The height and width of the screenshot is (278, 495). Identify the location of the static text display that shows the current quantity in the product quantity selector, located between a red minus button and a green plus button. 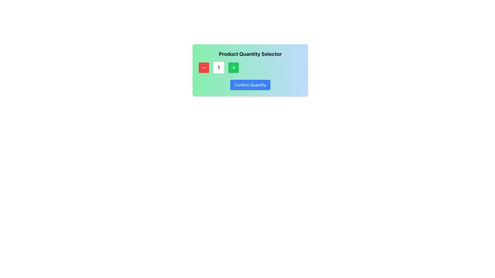
(219, 67).